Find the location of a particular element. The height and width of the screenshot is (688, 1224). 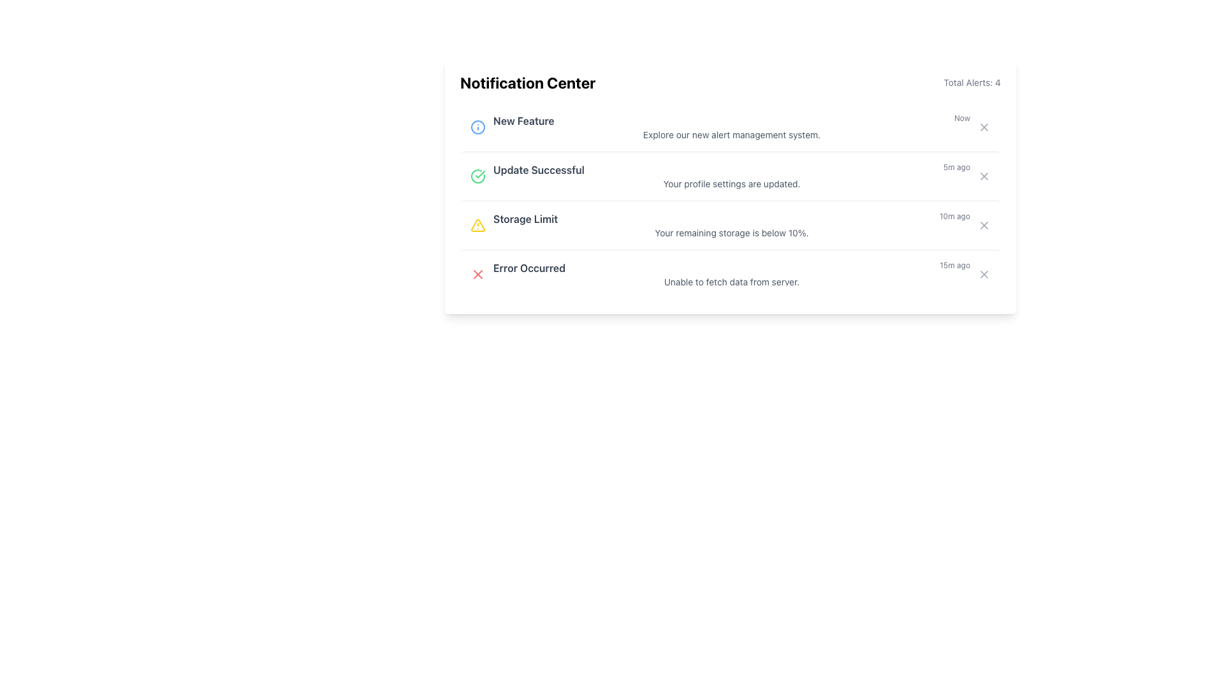

the error notification entry located at the bottom of the notification list is located at coordinates (731, 273).